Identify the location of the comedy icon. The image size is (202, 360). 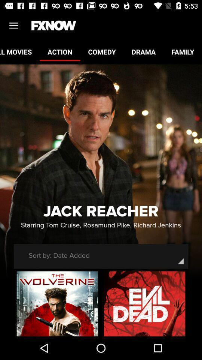
(101, 51).